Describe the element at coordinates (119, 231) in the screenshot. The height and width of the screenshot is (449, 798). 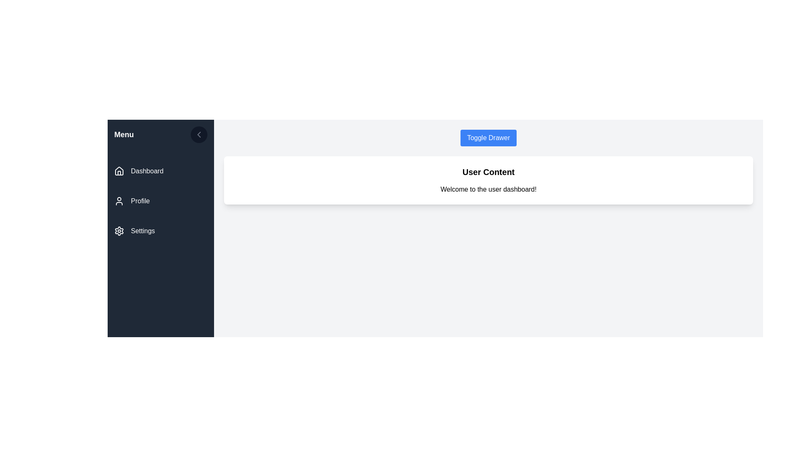
I see `the settings icon located to the left of the 'Settings' text in the third row of the vertical menu` at that location.